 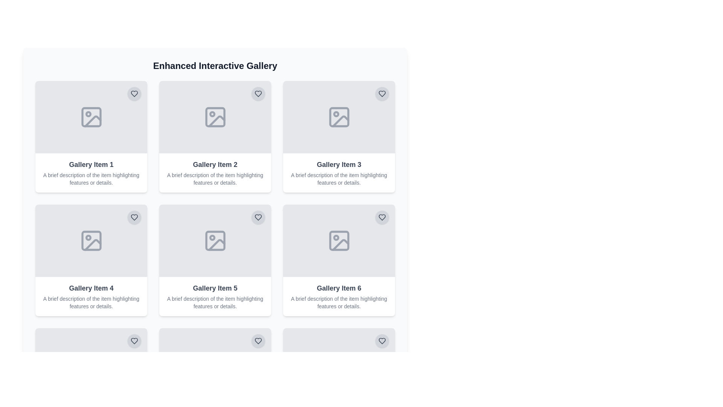 I want to click on the favorite button located in the top-right corner of the 'Gallery Item 5' card to mark the item as favorite, so click(x=258, y=217).